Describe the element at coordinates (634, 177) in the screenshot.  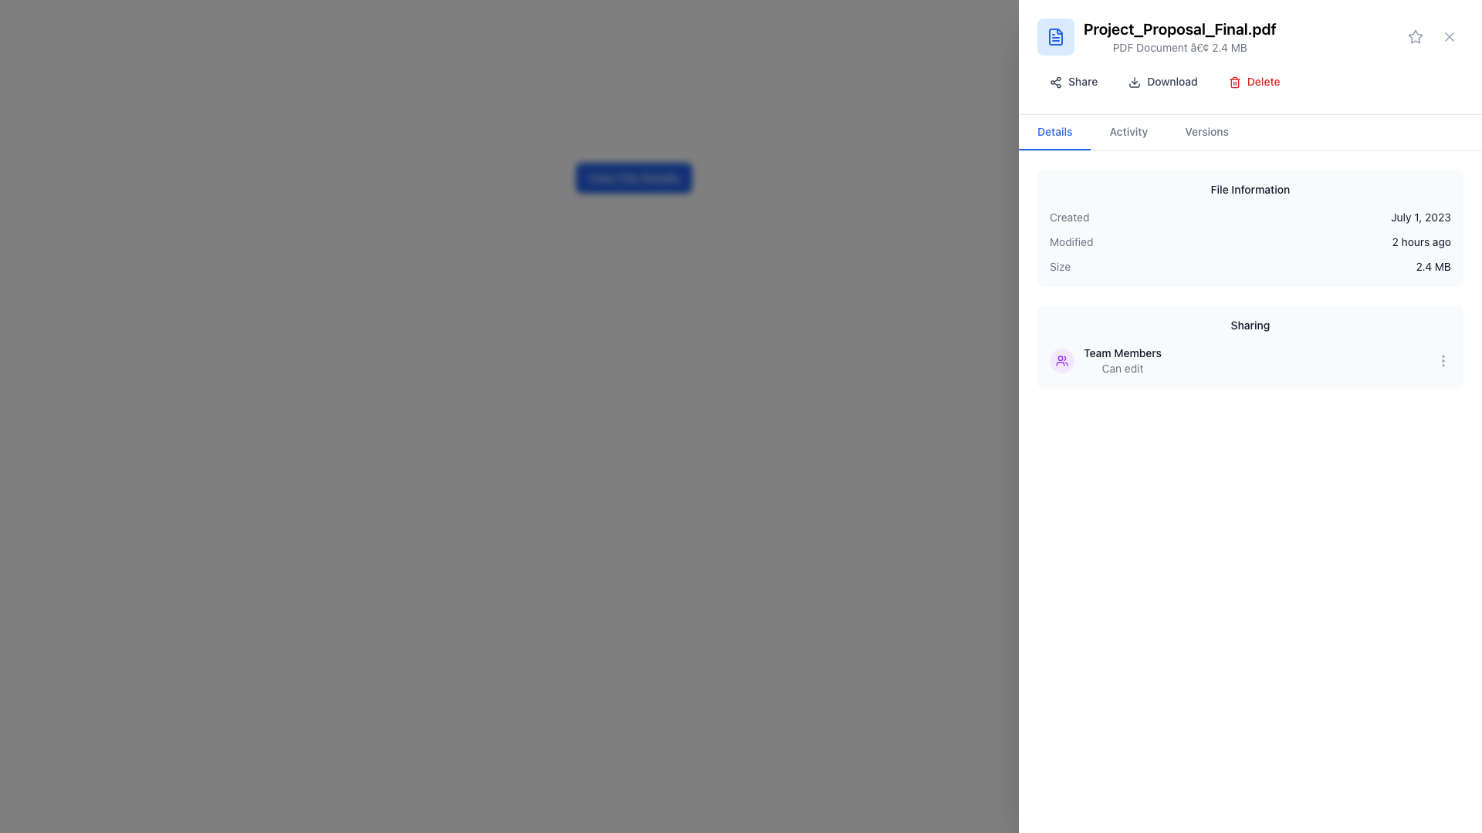
I see `the blue button labeled 'View File Details' located just below the title bar of the document interface` at that location.